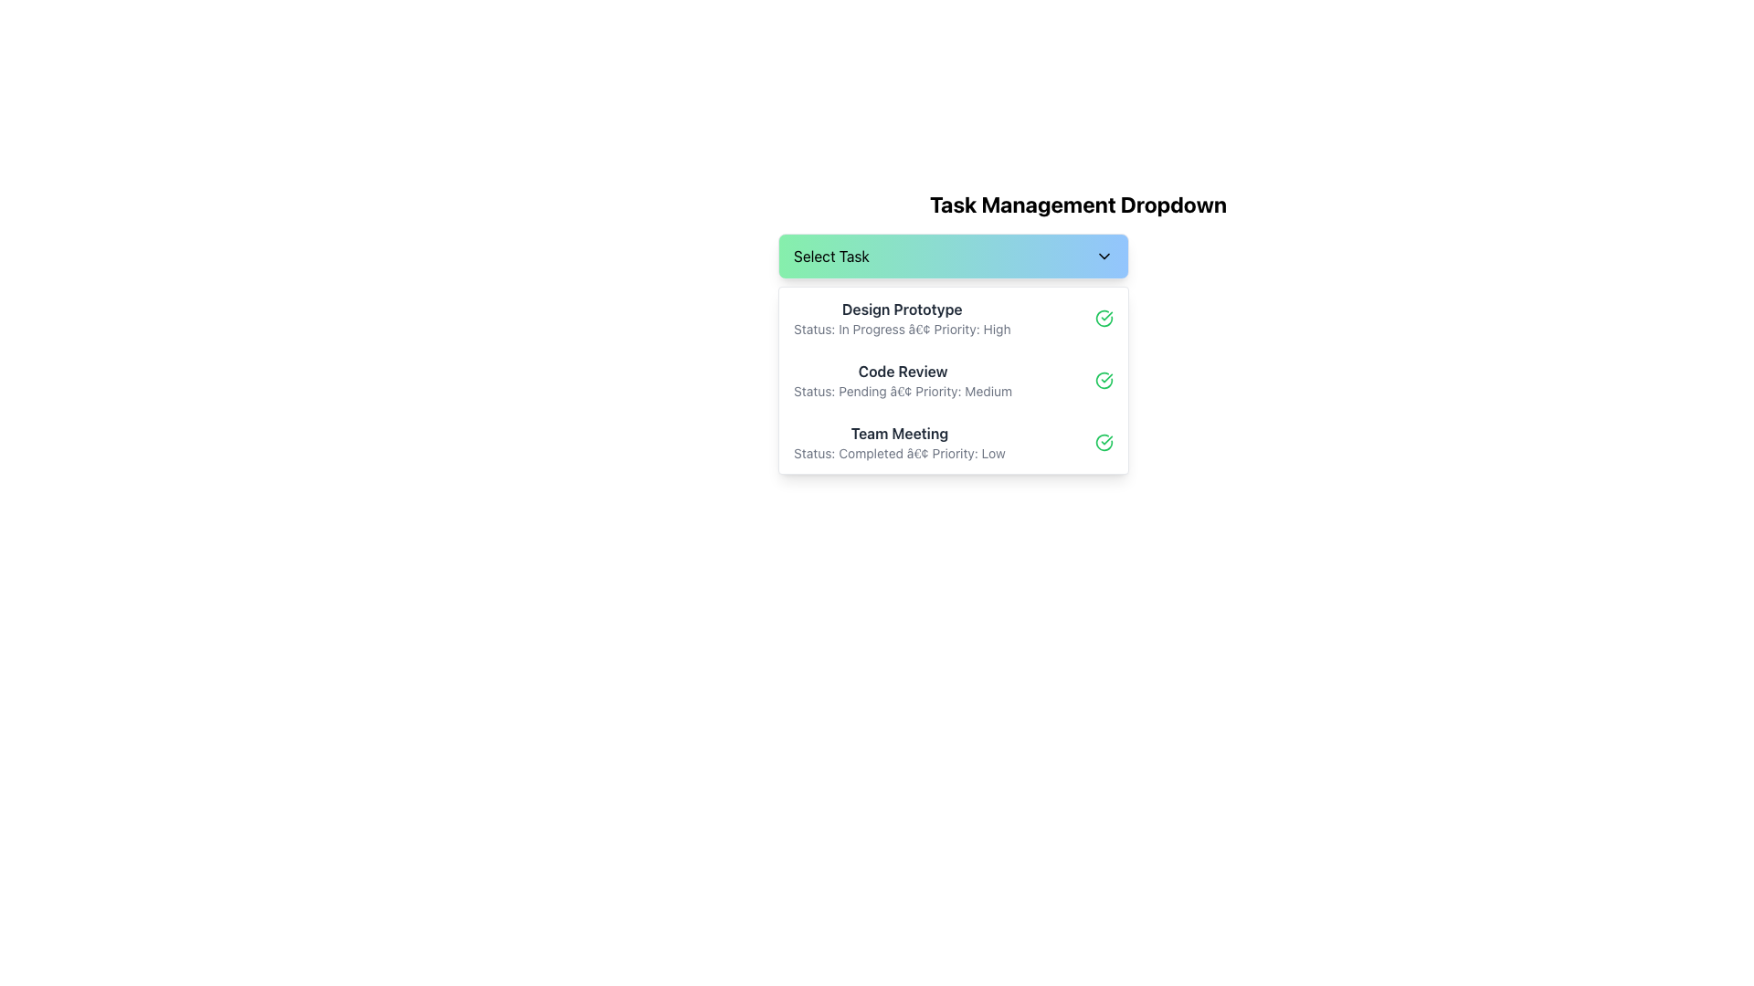 The image size is (1754, 986). Describe the element at coordinates (1104, 257) in the screenshot. I see `the chevron icon located at the right edge of the 'Select Task' button` at that location.